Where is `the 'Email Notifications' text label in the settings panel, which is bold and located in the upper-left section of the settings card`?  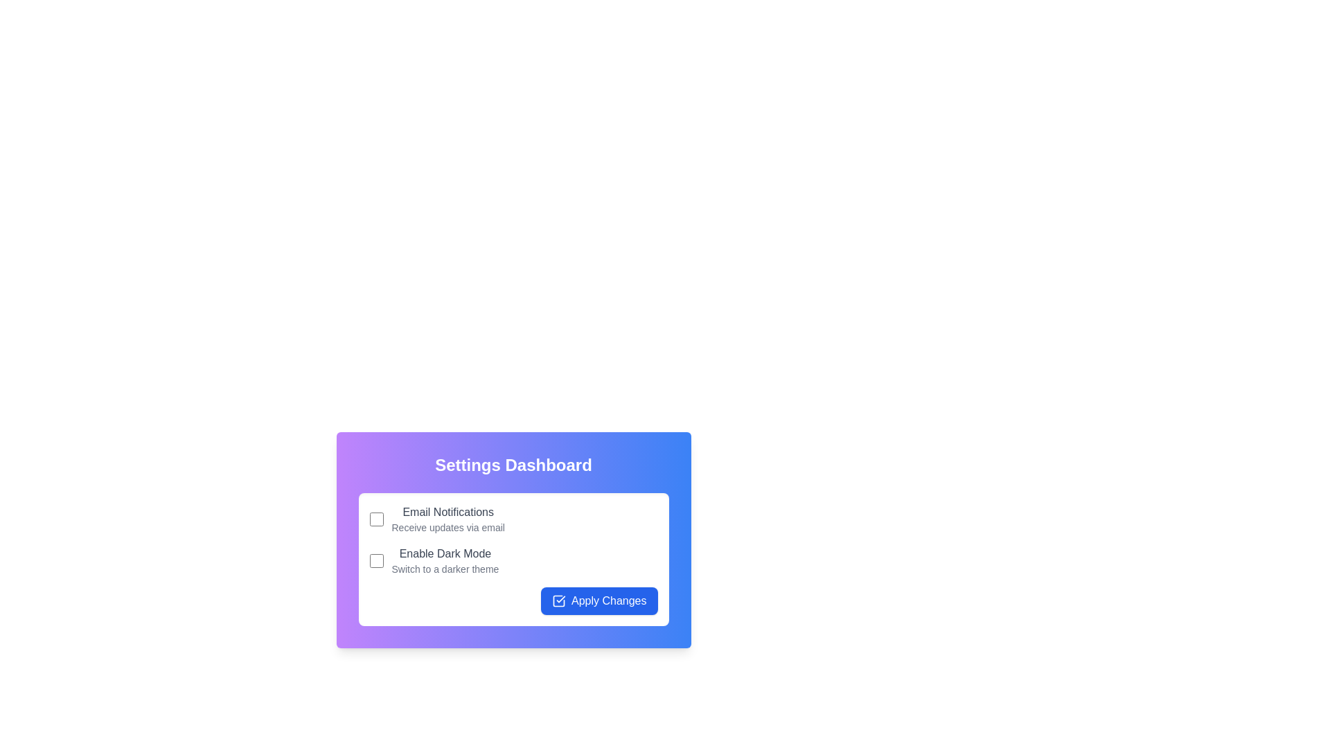 the 'Email Notifications' text label in the settings panel, which is bold and located in the upper-left section of the settings card is located at coordinates (448, 512).